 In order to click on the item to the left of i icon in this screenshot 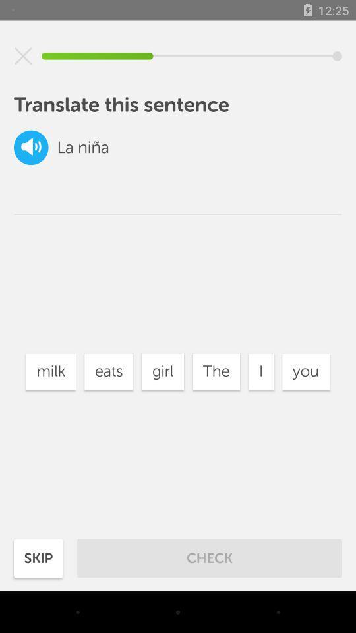, I will do `click(216, 372)`.